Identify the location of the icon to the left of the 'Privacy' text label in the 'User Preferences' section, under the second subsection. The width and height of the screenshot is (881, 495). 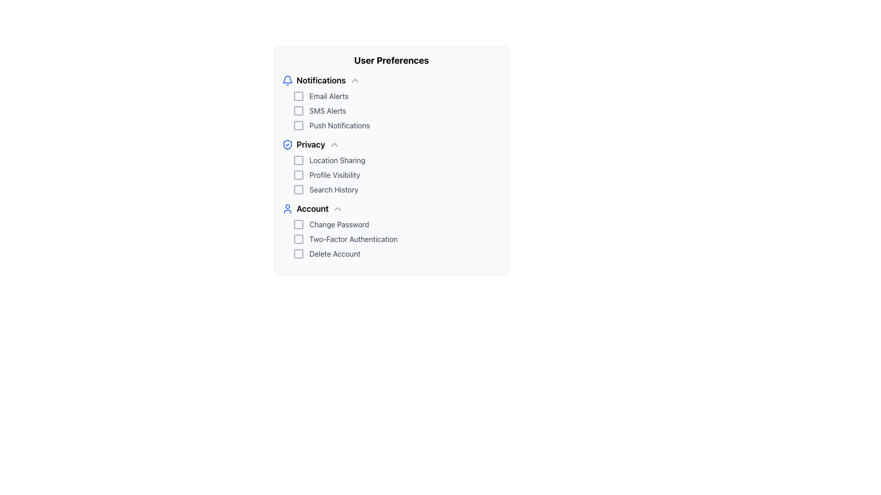
(287, 144).